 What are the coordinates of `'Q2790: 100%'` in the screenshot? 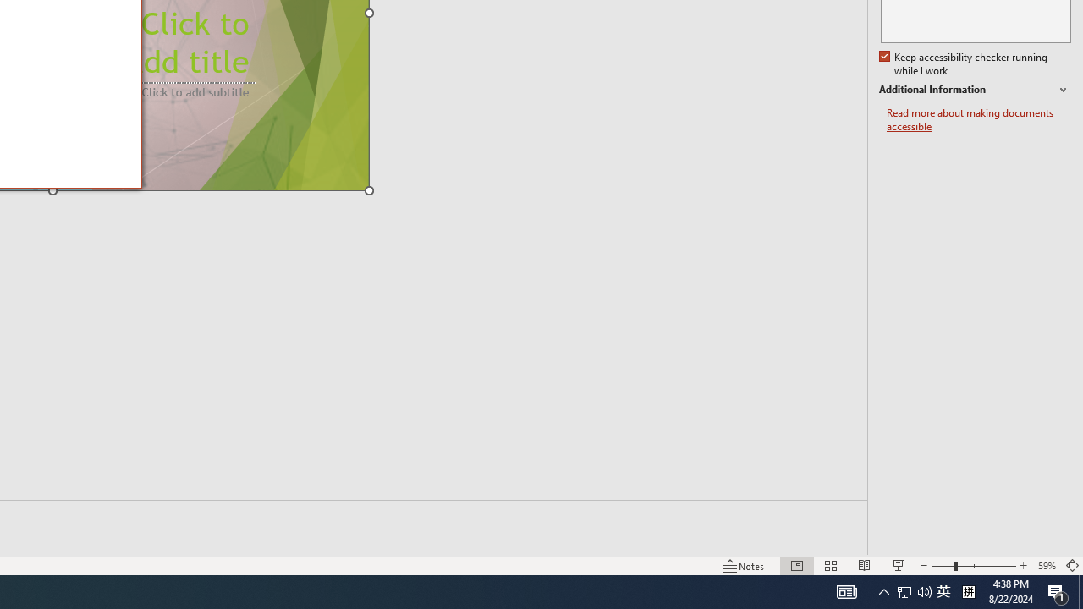 It's located at (924, 590).